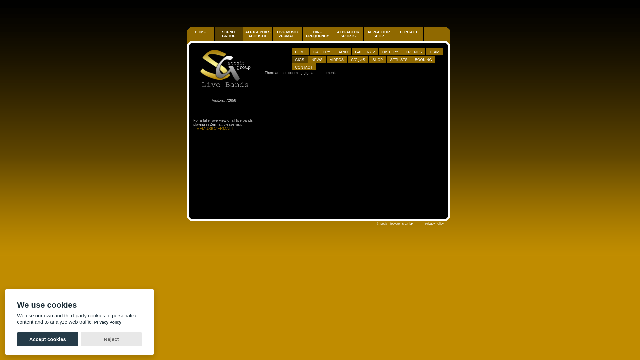 The image size is (640, 360). What do you see at coordinates (377, 59) in the screenshot?
I see `'SHOP'` at bounding box center [377, 59].